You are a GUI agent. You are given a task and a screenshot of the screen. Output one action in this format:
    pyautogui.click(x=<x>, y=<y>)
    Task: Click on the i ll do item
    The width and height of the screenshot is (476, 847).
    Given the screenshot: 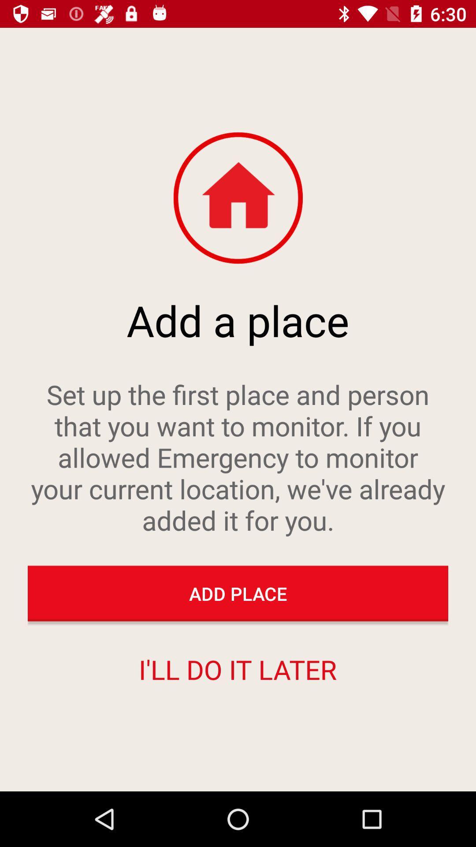 What is the action you would take?
    pyautogui.click(x=237, y=669)
    